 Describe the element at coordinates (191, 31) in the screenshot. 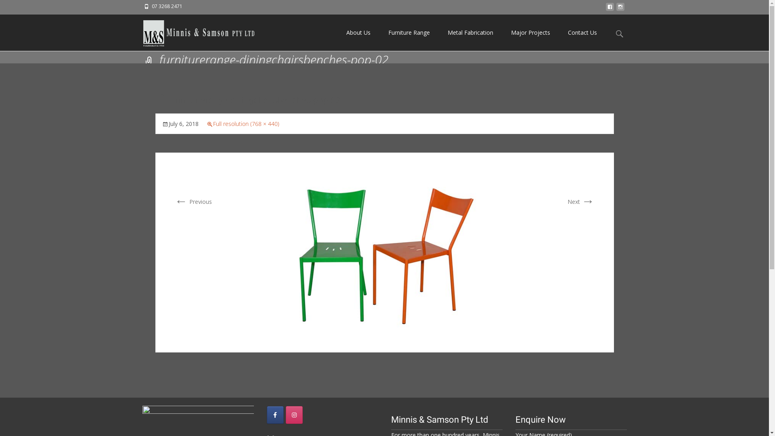

I see `'Minnis & Samson Pty Ltd'` at that location.